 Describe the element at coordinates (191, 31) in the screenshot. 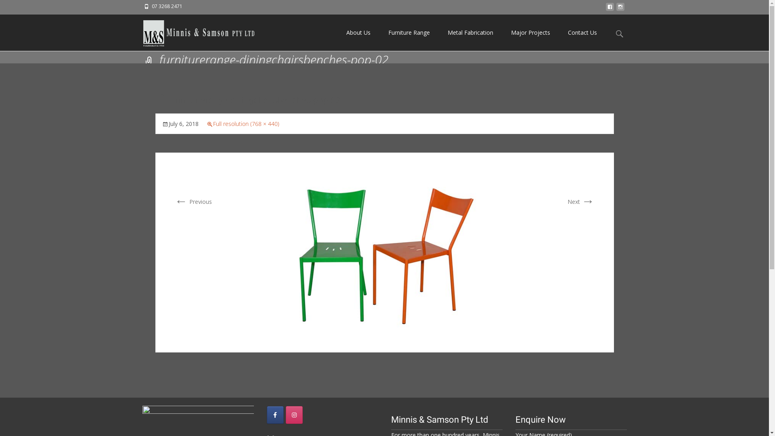

I see `'Minnis & Samson Pty Ltd'` at that location.